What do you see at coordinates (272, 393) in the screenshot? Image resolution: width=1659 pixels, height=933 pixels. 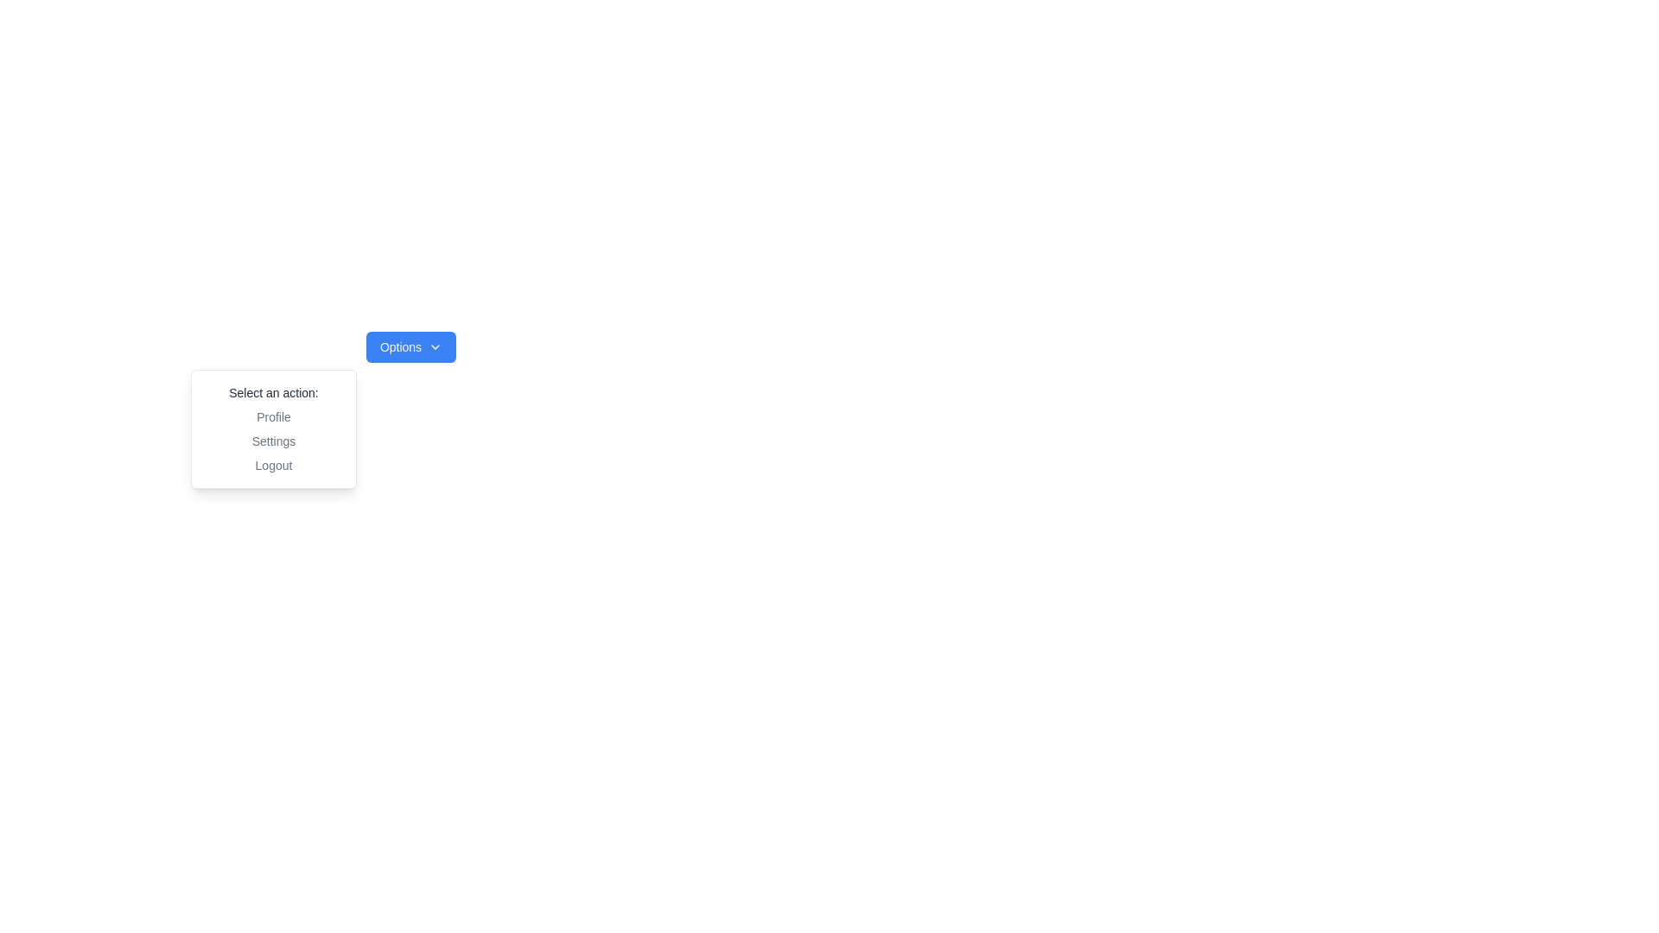 I see `the text label stating 'Select an action:' which is positioned at the top of a dropdown menu` at bounding box center [272, 393].